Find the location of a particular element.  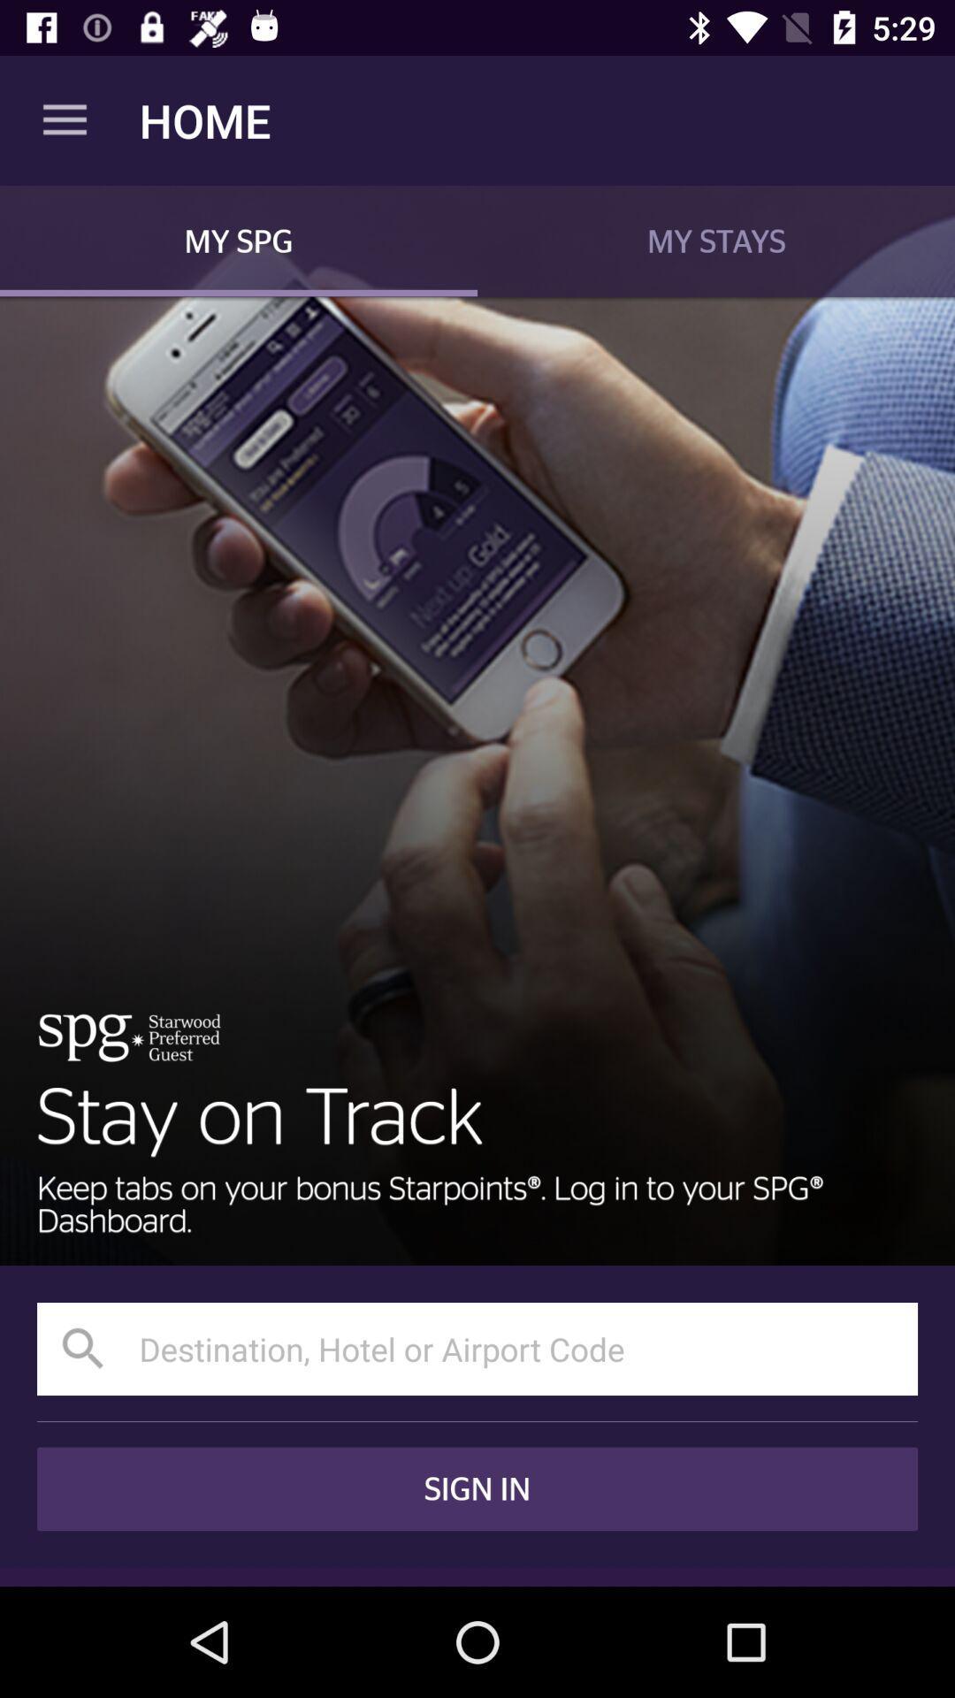

destination hotel or airport code is located at coordinates (477, 1348).